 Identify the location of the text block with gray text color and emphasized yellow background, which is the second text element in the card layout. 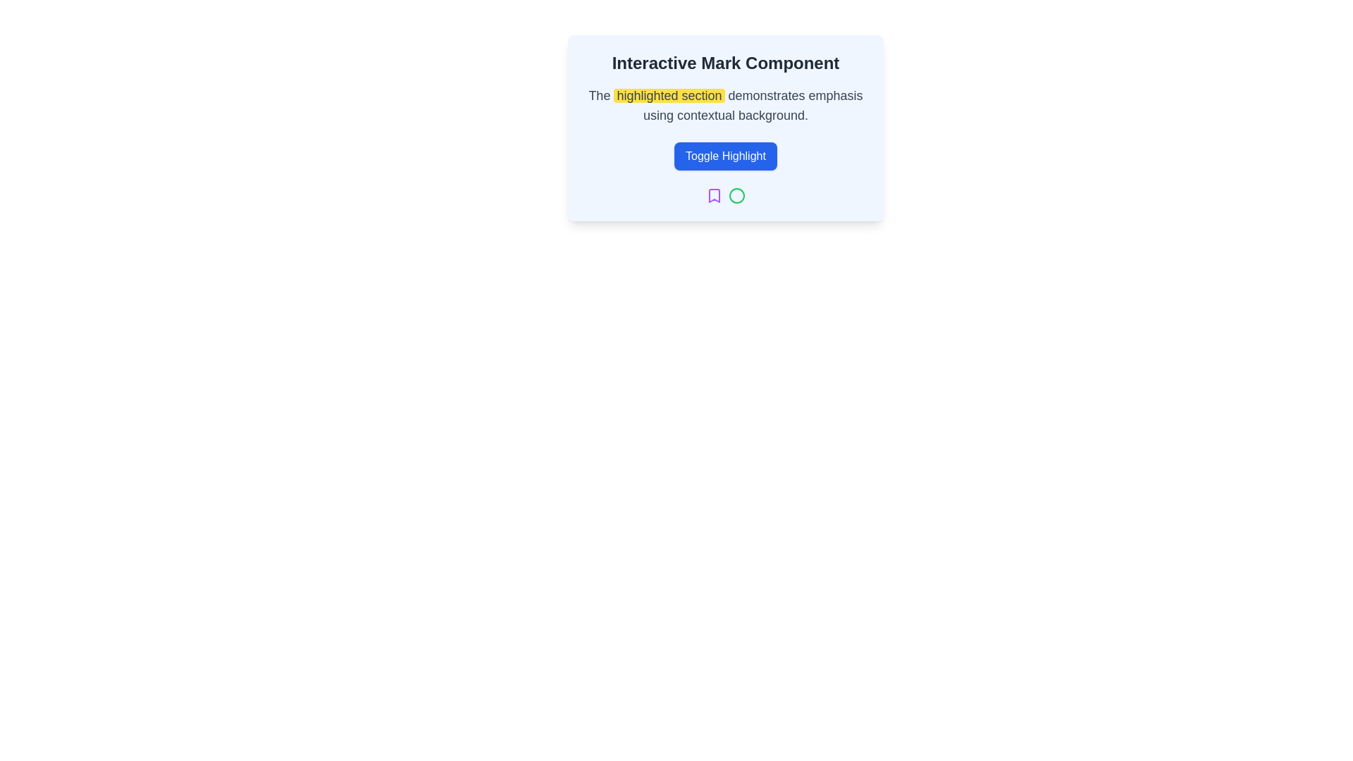
(726, 105).